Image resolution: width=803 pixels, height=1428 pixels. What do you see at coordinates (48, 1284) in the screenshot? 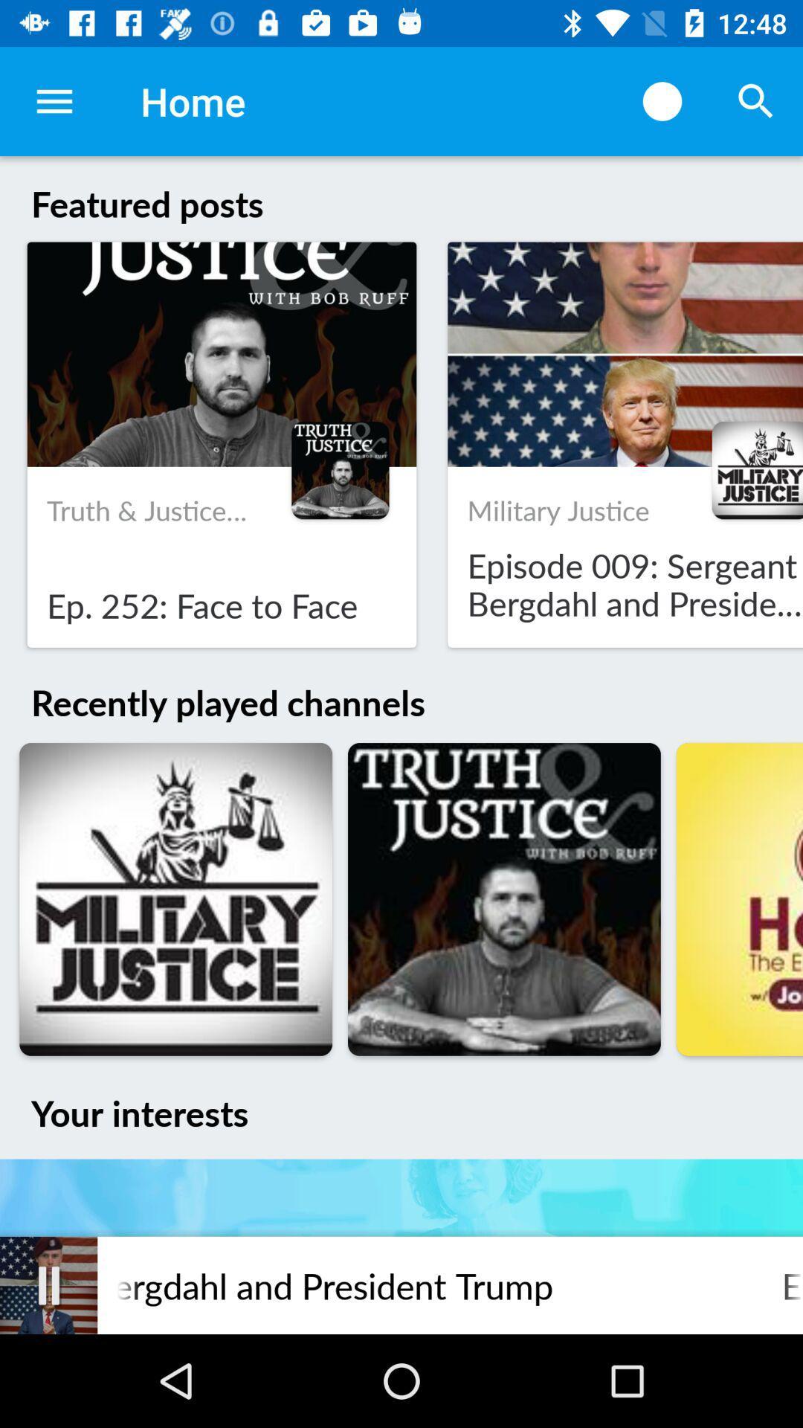
I see `icon to the left of the episode 009 sergeant icon` at bounding box center [48, 1284].